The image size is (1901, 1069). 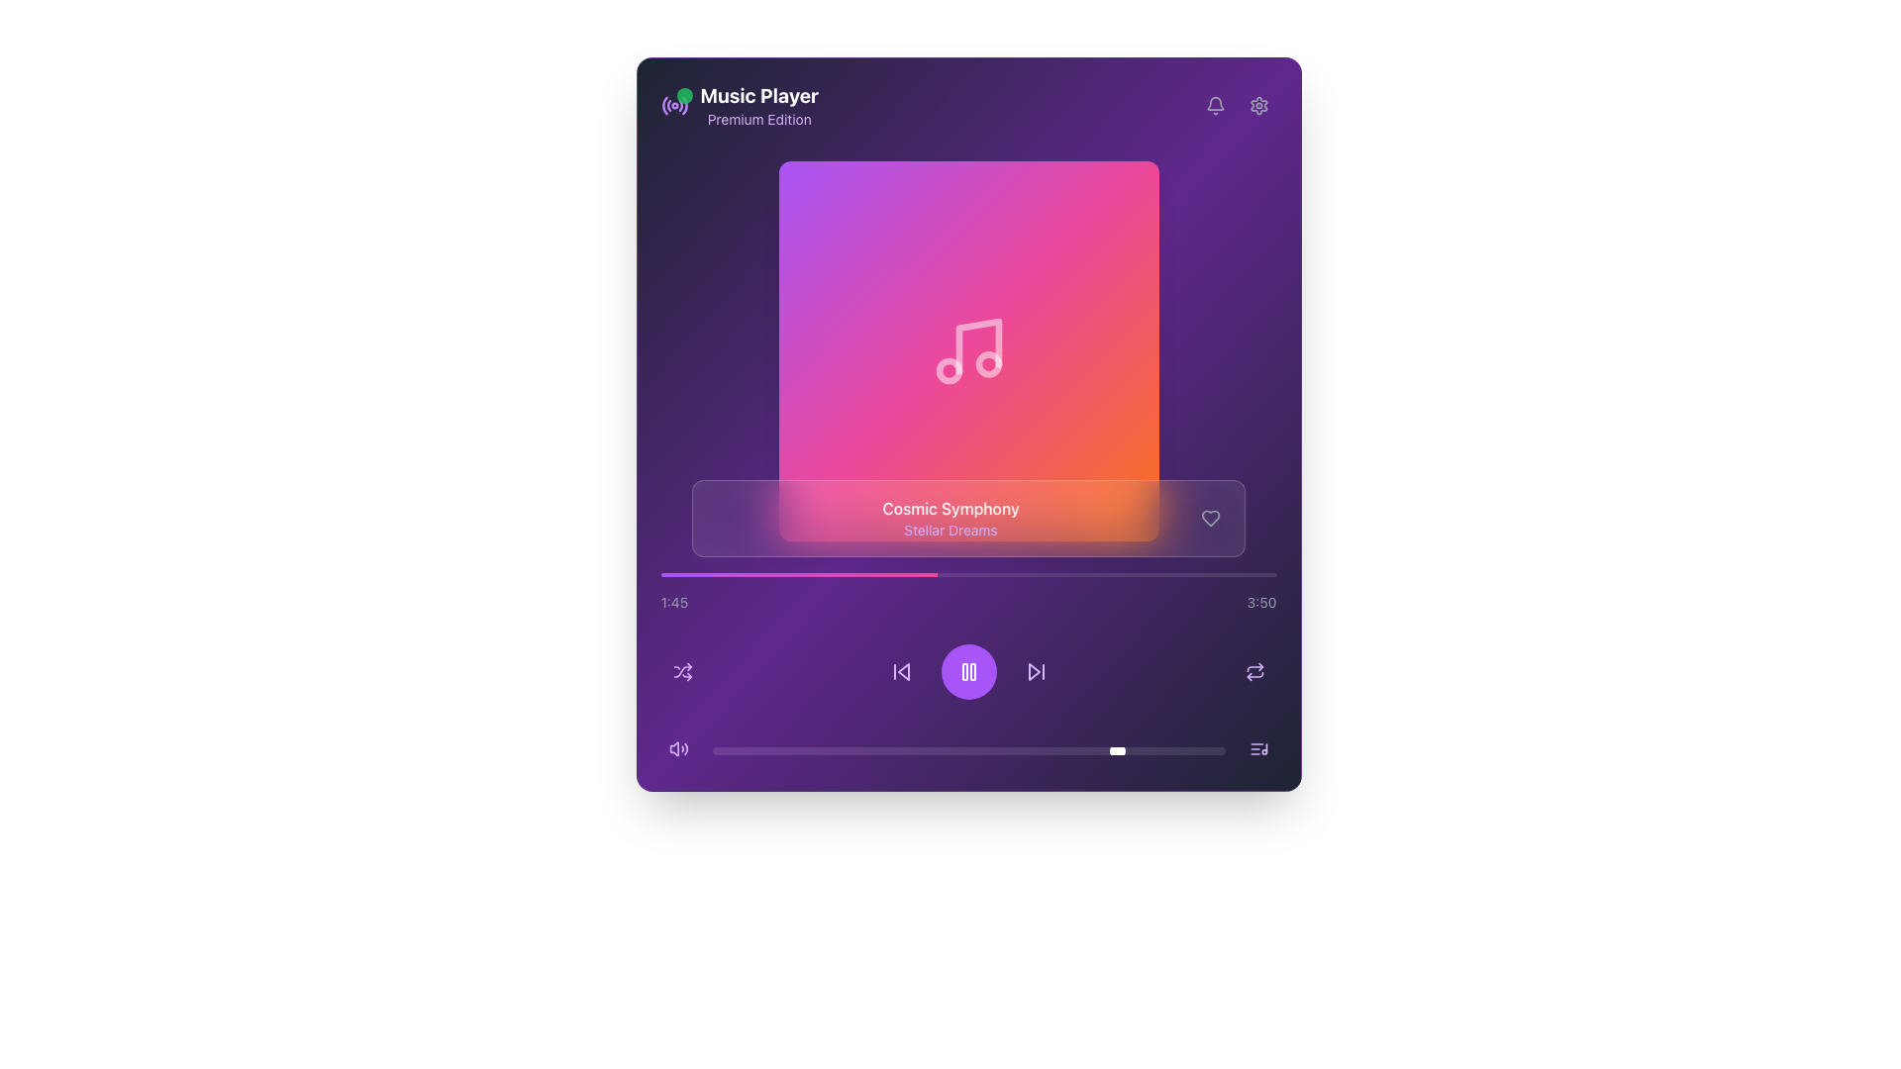 I want to click on the repeat button located at the bottom right of the media player interface, so click(x=1253, y=670).